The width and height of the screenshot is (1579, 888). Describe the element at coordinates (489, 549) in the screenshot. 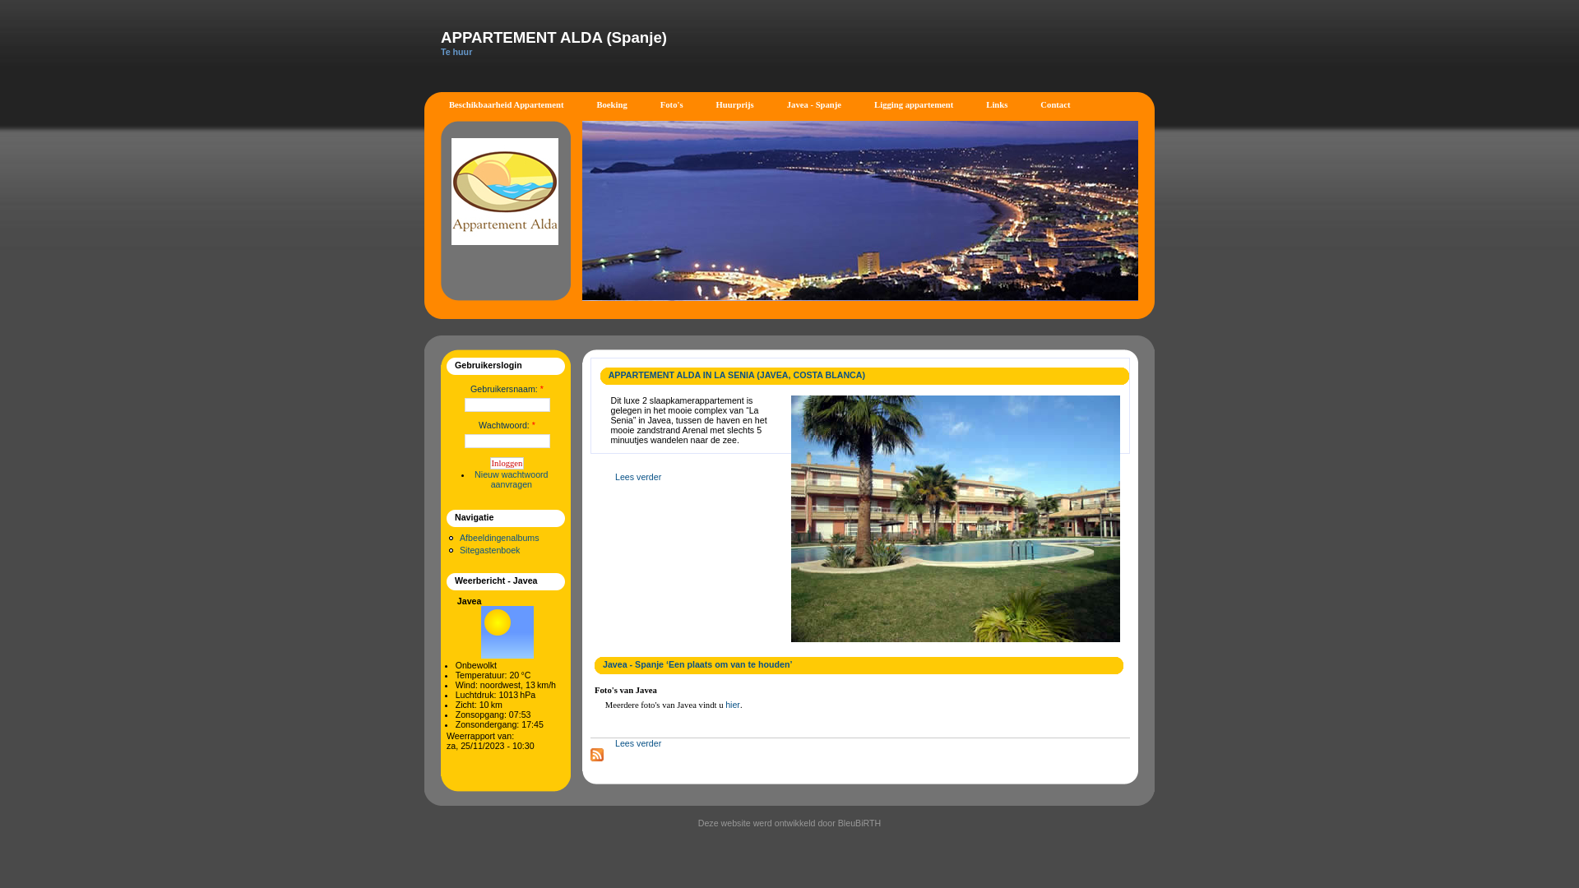

I see `'Sitegastenboek'` at that location.